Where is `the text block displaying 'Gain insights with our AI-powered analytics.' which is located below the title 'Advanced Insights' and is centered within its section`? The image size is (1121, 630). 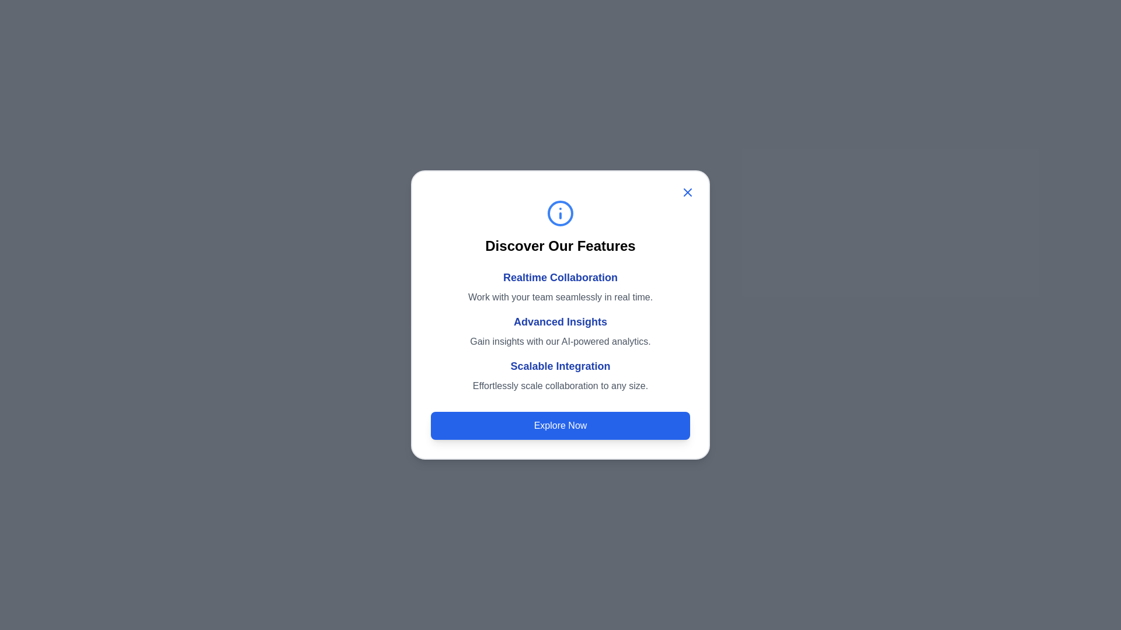 the text block displaying 'Gain insights with our AI-powered analytics.' which is located below the title 'Advanced Insights' and is centered within its section is located at coordinates (560, 341).